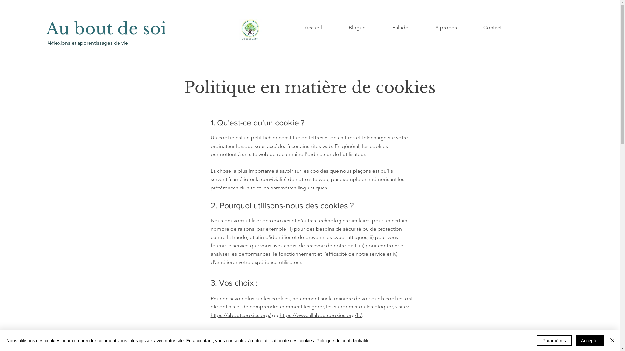 The width and height of the screenshot is (625, 351). What do you see at coordinates (142, 28) in the screenshot?
I see `'de soi'` at bounding box center [142, 28].